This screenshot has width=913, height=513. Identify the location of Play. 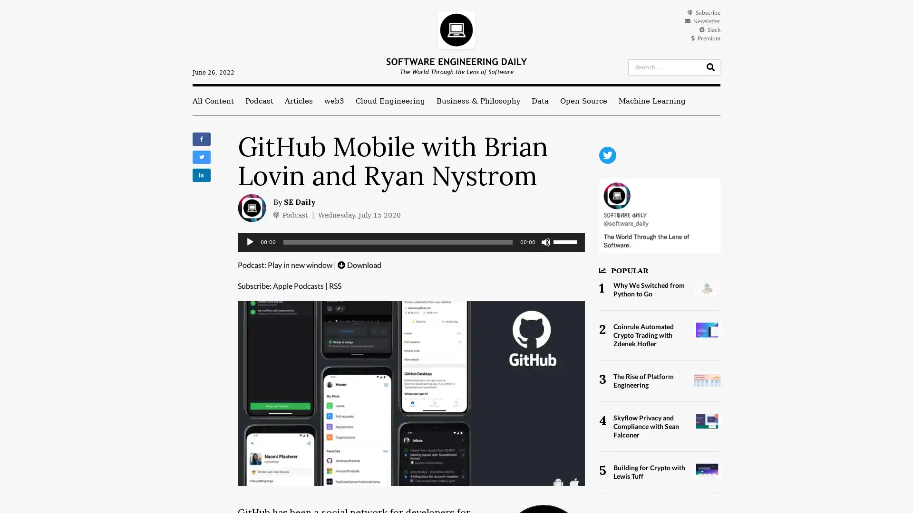
(249, 241).